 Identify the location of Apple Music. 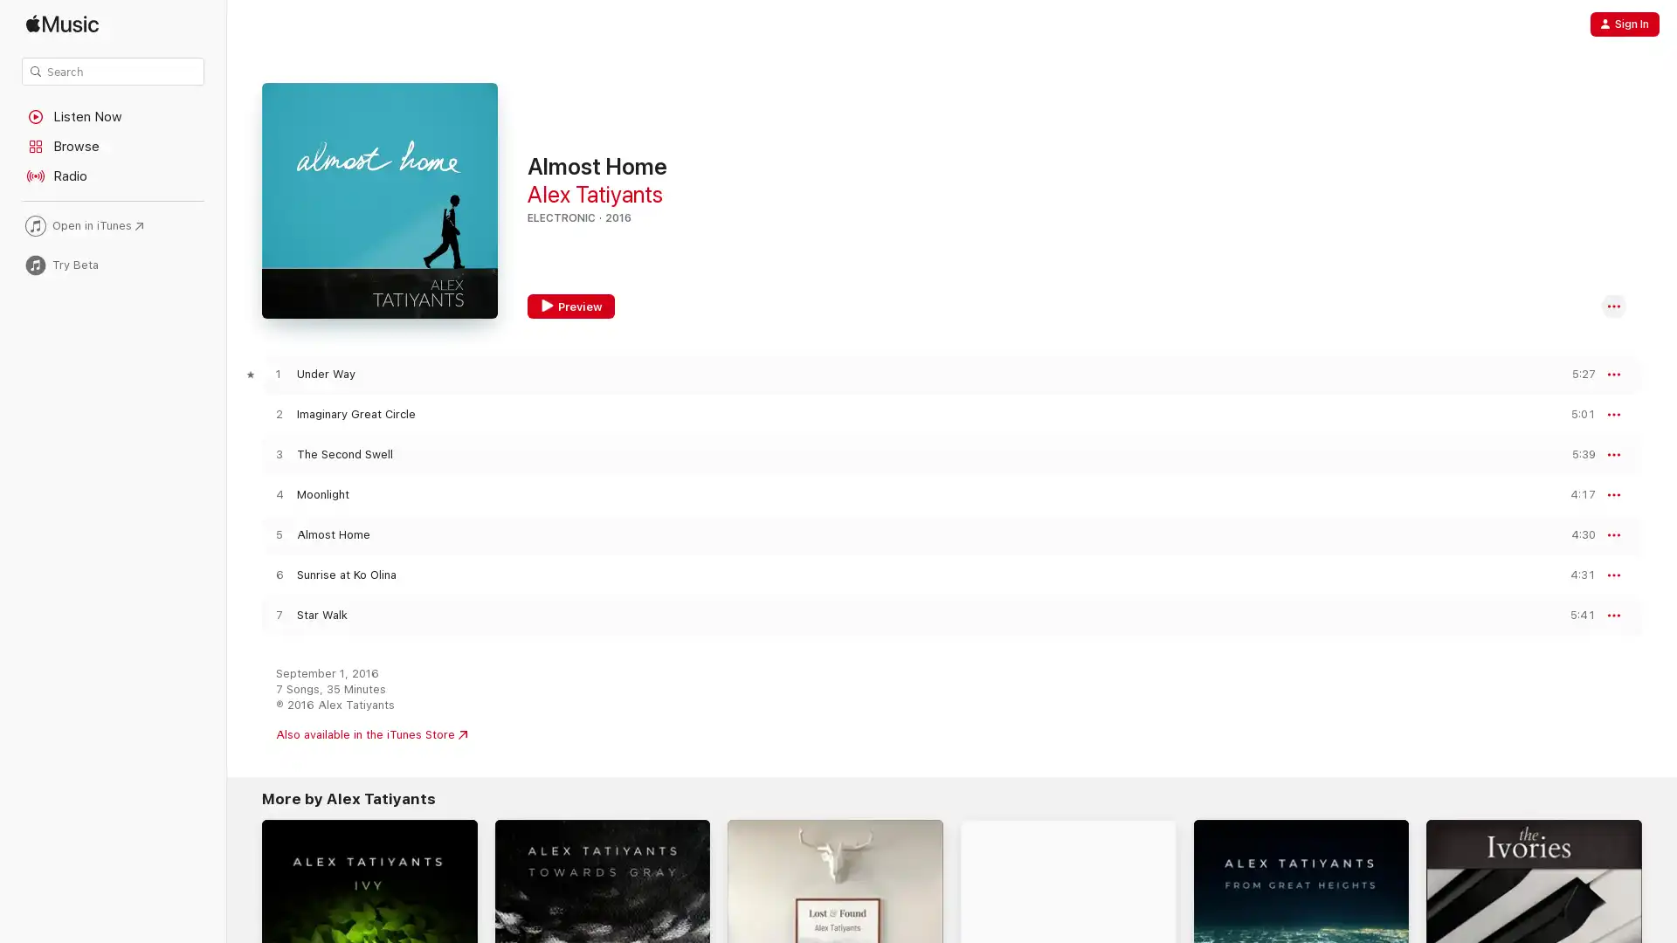
(112, 24).